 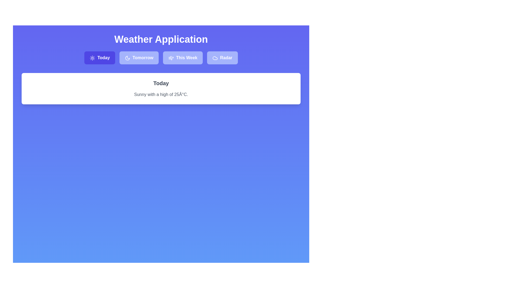 I want to click on the Tomorrow tab by clicking on its button, so click(x=139, y=58).